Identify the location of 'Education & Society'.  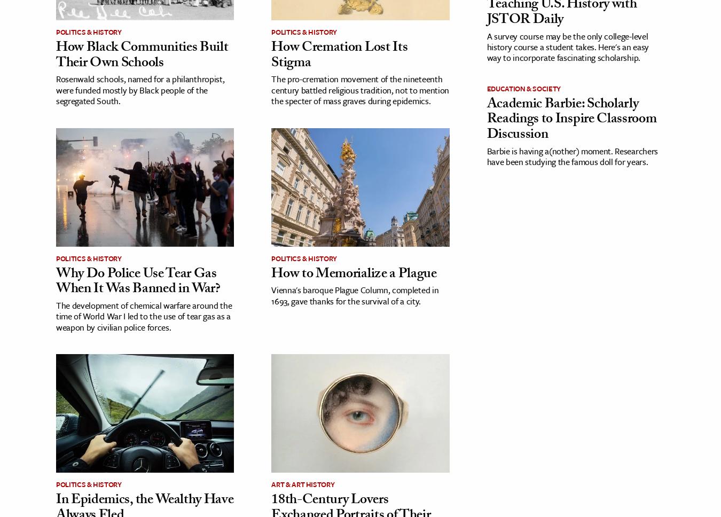
(523, 88).